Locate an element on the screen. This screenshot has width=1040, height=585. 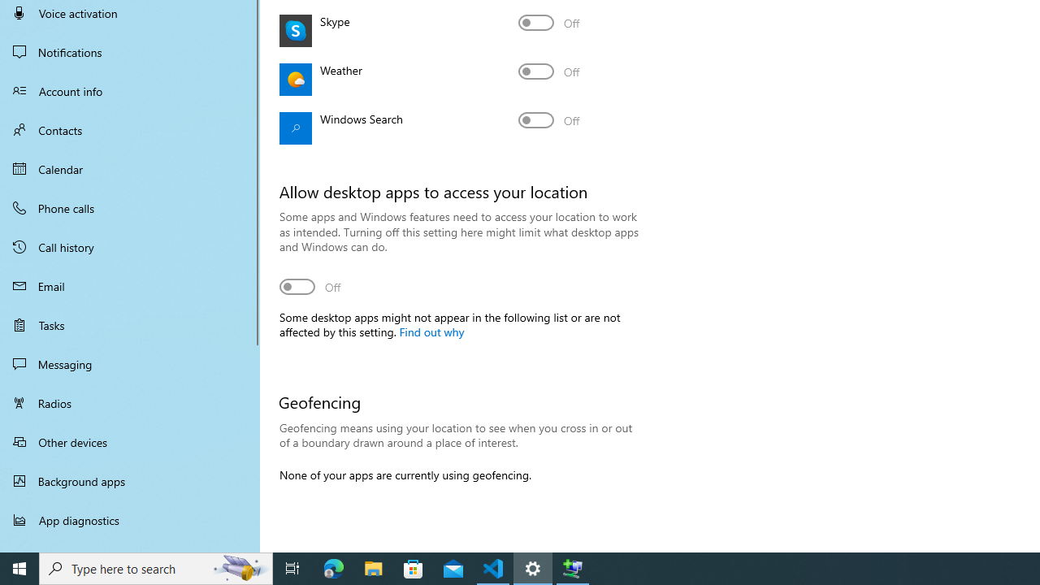
'Contacts' is located at coordinates (130, 129).